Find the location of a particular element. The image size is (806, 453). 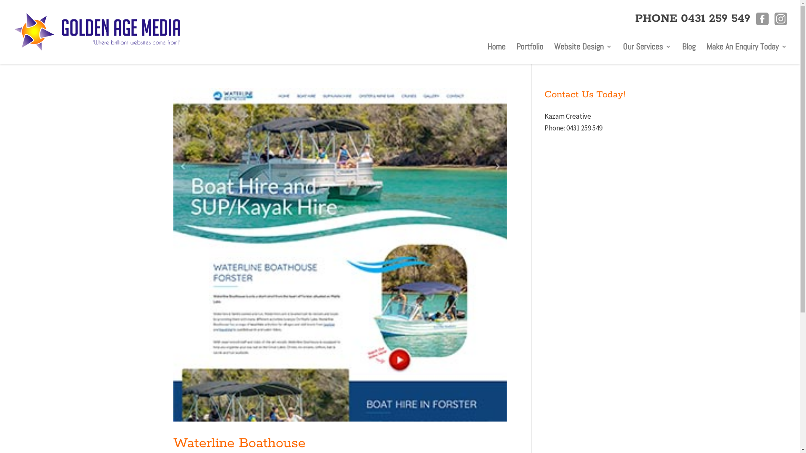

'Portfolio' is located at coordinates (529, 48).